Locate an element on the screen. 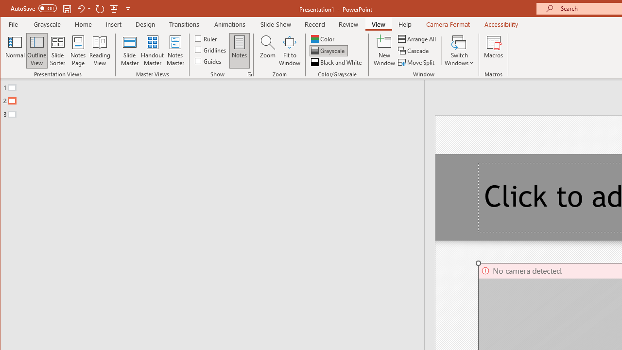  'Ruler' is located at coordinates (206, 38).